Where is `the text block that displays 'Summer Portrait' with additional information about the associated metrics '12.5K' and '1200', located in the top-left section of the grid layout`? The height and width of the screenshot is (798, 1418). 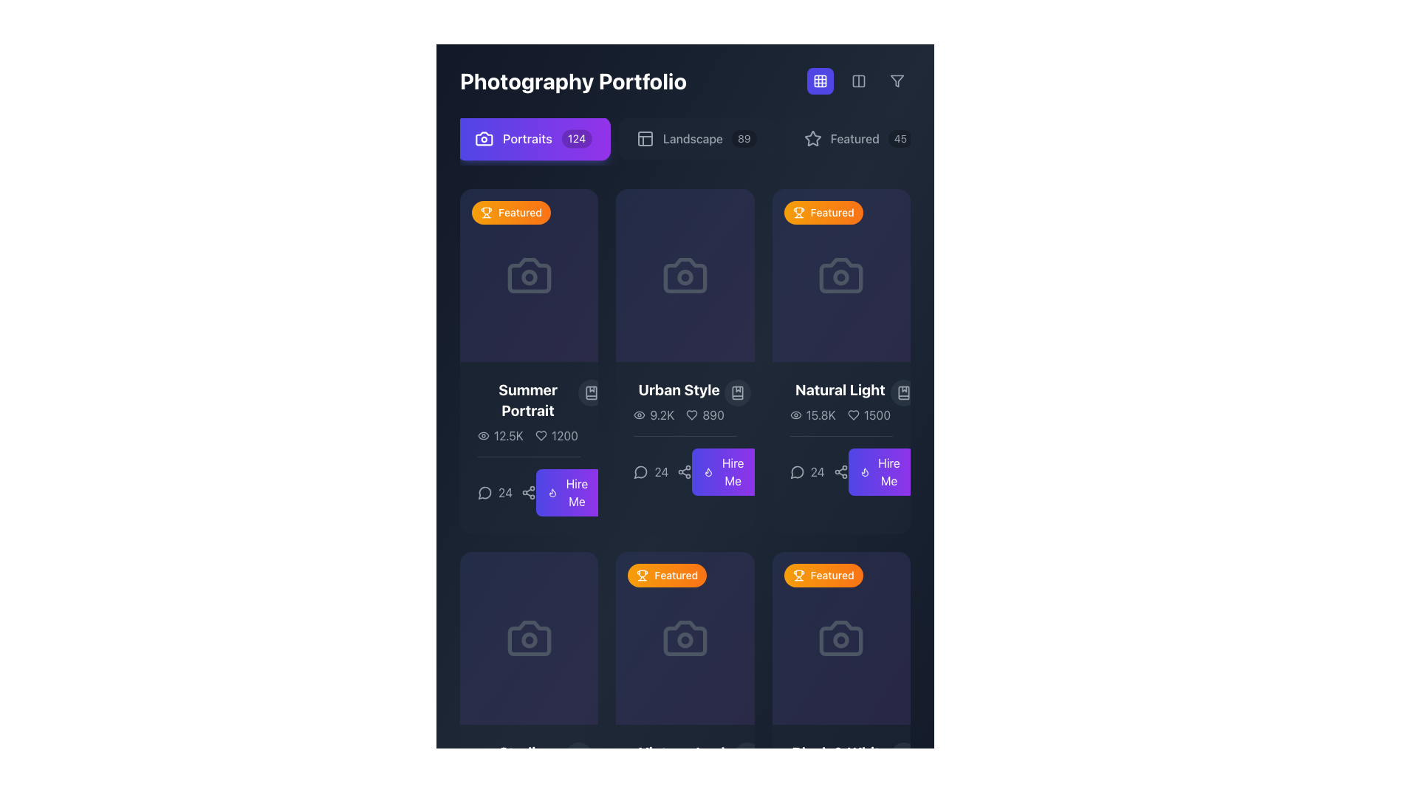
the text block that displays 'Summer Portrait' with additional information about the associated metrics '12.5K' and '1200', located in the top-left section of the grid layout is located at coordinates (529, 412).